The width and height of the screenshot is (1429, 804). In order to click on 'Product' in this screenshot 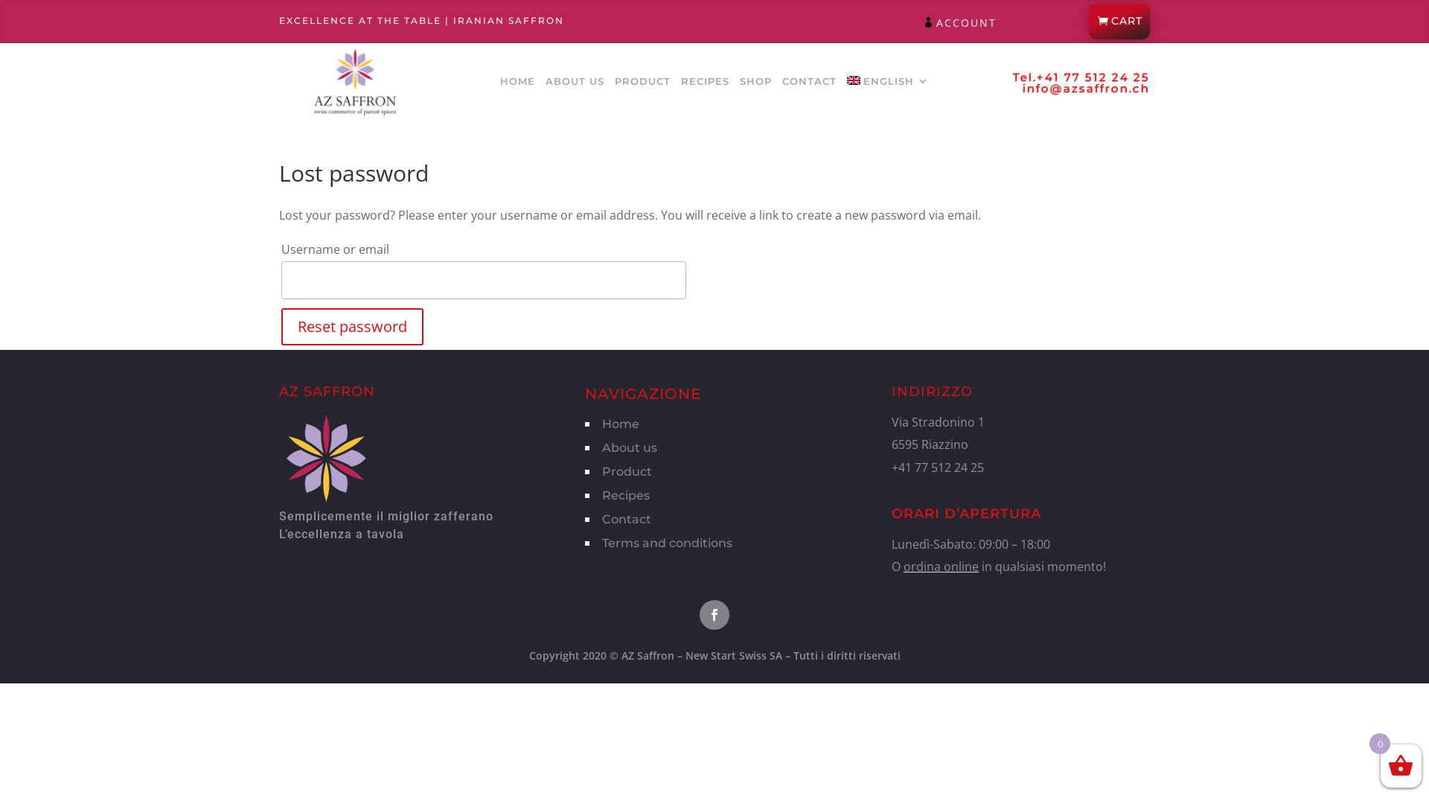, I will do `click(627, 471)`.